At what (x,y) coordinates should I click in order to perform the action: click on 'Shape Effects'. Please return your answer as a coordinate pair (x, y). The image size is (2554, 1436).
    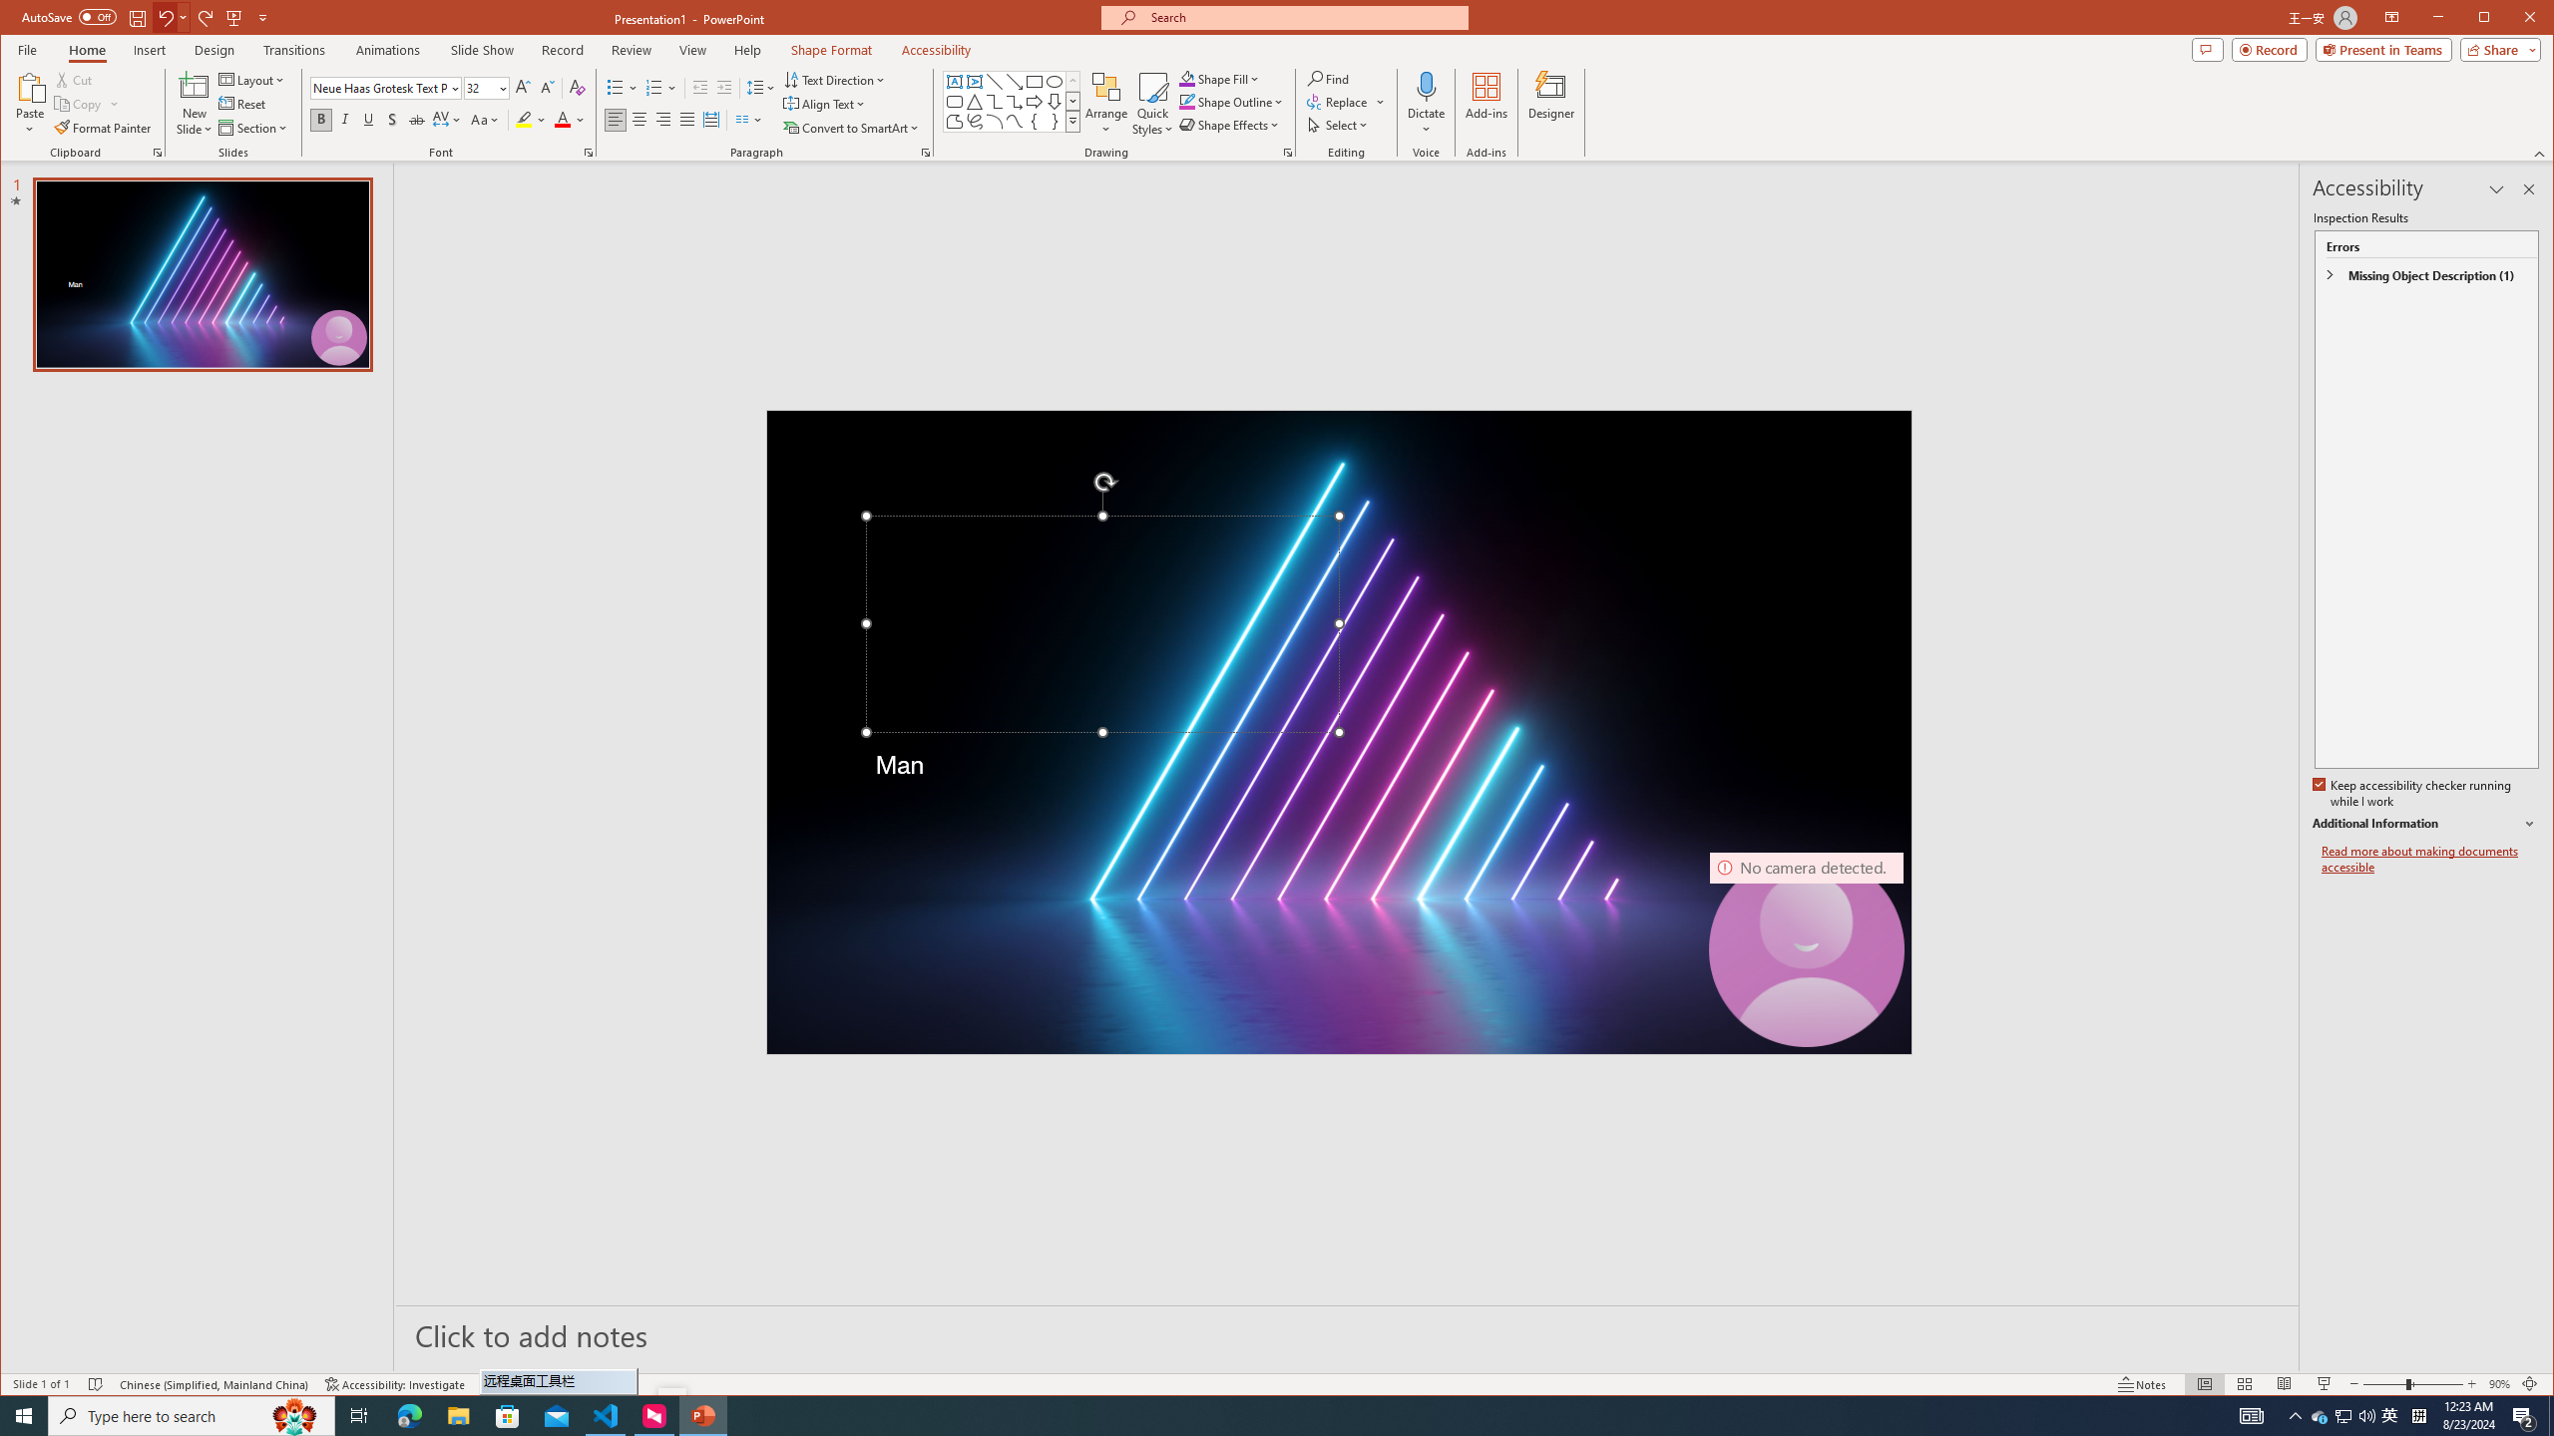
    Looking at the image, I should click on (1232, 125).